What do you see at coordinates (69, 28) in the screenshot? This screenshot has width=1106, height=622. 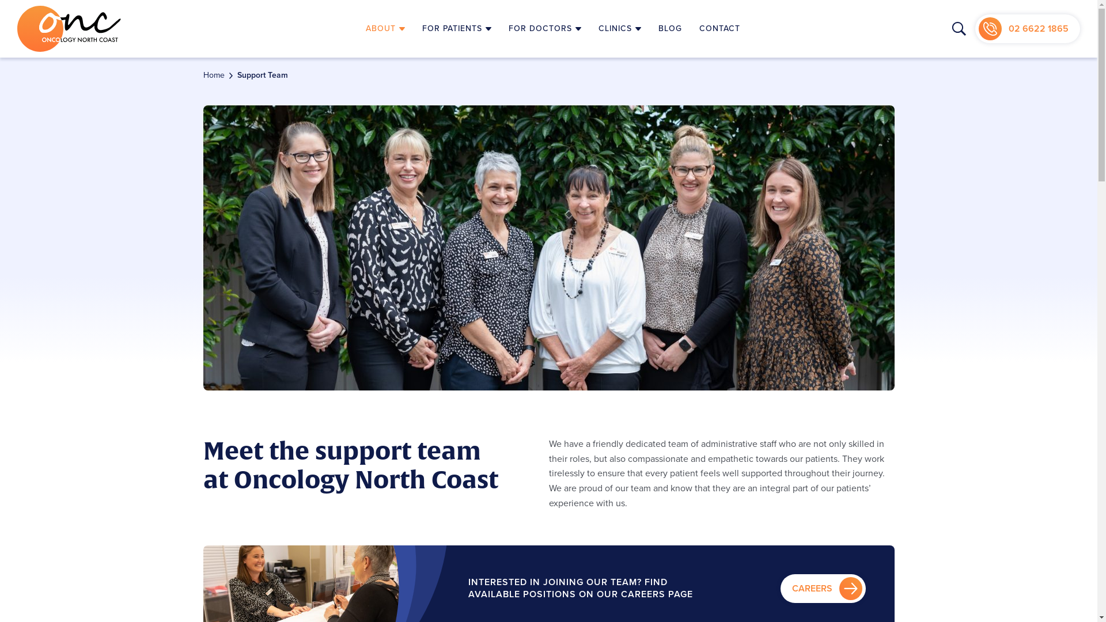 I see `'ONC'` at bounding box center [69, 28].